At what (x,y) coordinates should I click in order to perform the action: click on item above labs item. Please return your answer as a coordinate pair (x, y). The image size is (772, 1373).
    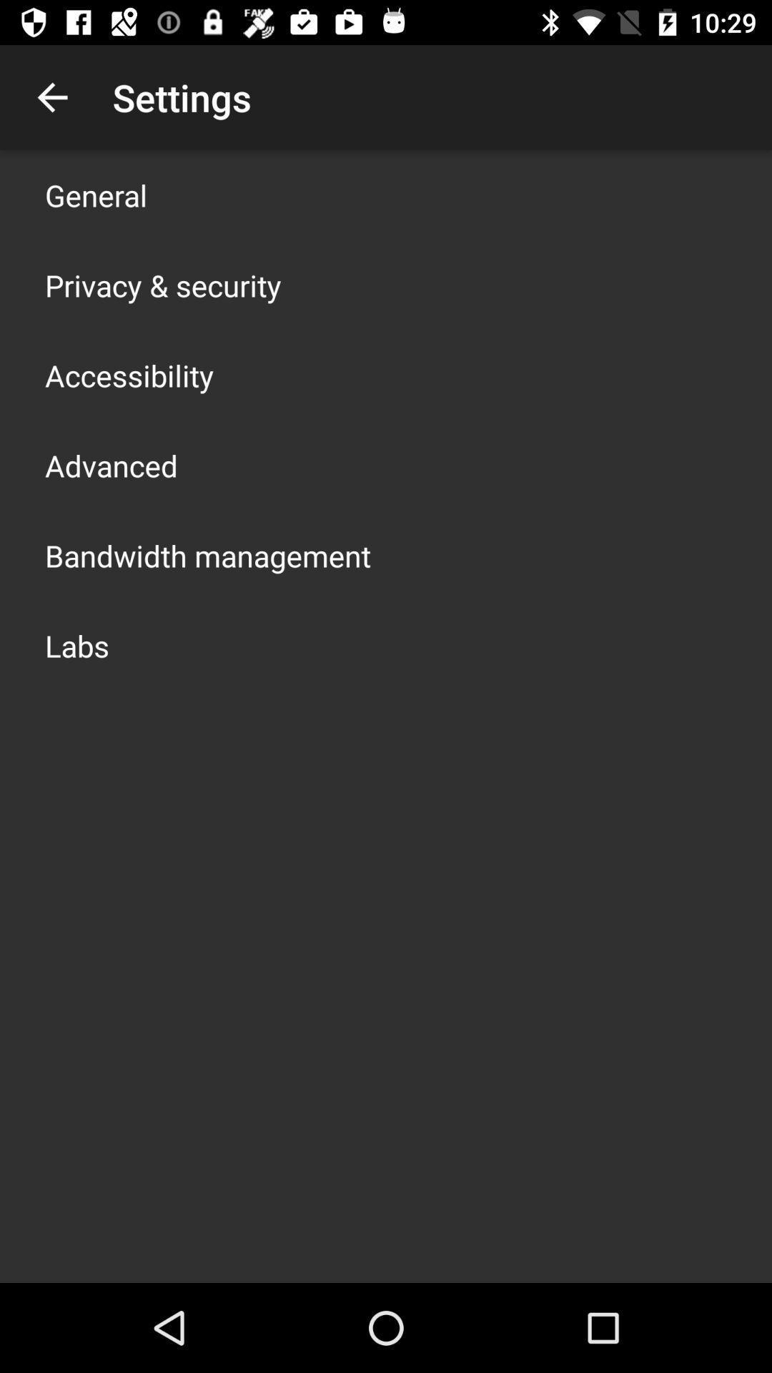
    Looking at the image, I should click on (207, 555).